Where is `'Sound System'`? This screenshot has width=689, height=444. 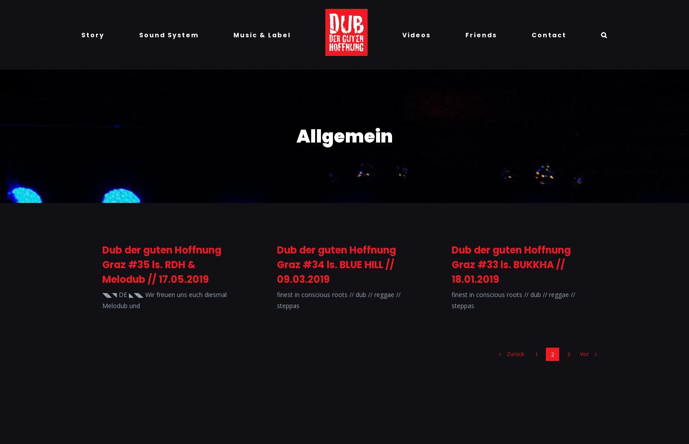
'Sound System' is located at coordinates (168, 34).